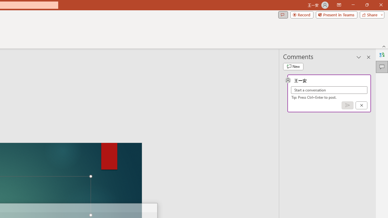 The width and height of the screenshot is (388, 218). What do you see at coordinates (329, 90) in the screenshot?
I see `'Start a conversation'` at bounding box center [329, 90].